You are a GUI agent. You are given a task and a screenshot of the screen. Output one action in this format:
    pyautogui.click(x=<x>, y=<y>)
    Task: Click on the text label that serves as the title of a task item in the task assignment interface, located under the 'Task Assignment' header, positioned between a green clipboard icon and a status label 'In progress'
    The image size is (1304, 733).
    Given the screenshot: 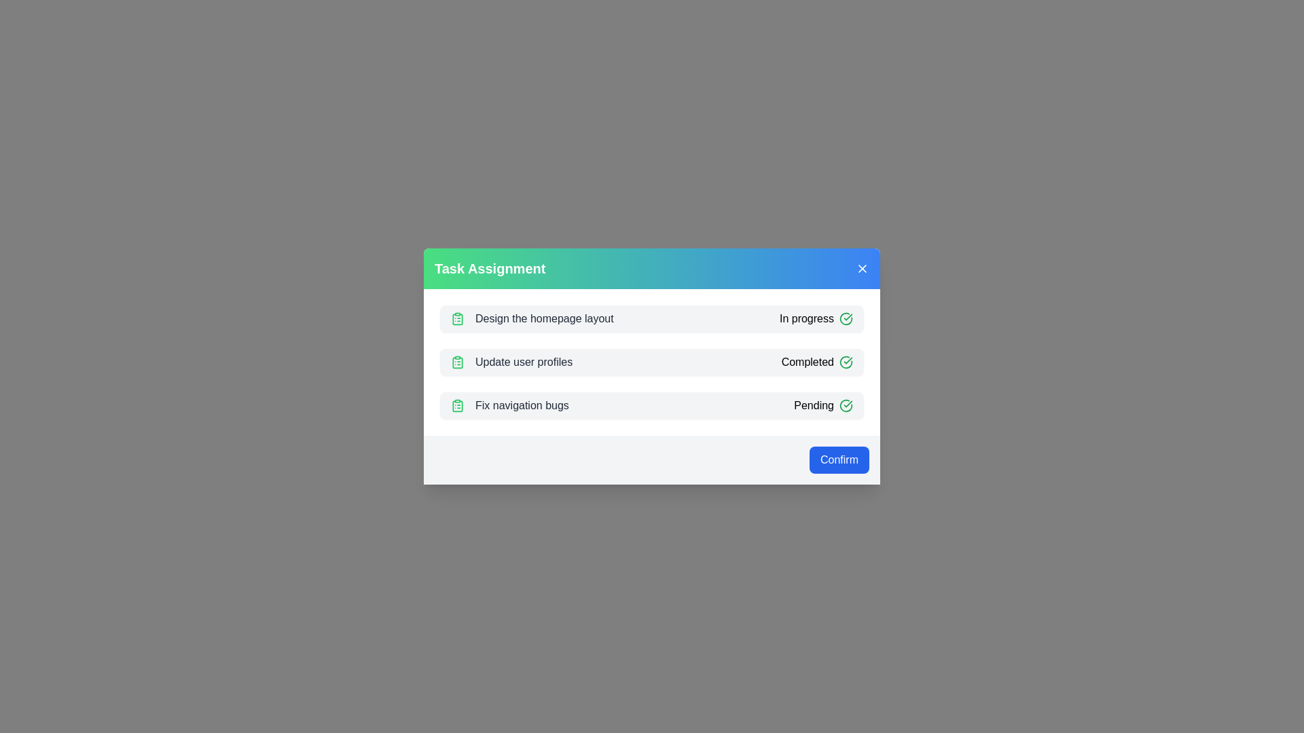 What is the action you would take?
    pyautogui.click(x=544, y=319)
    